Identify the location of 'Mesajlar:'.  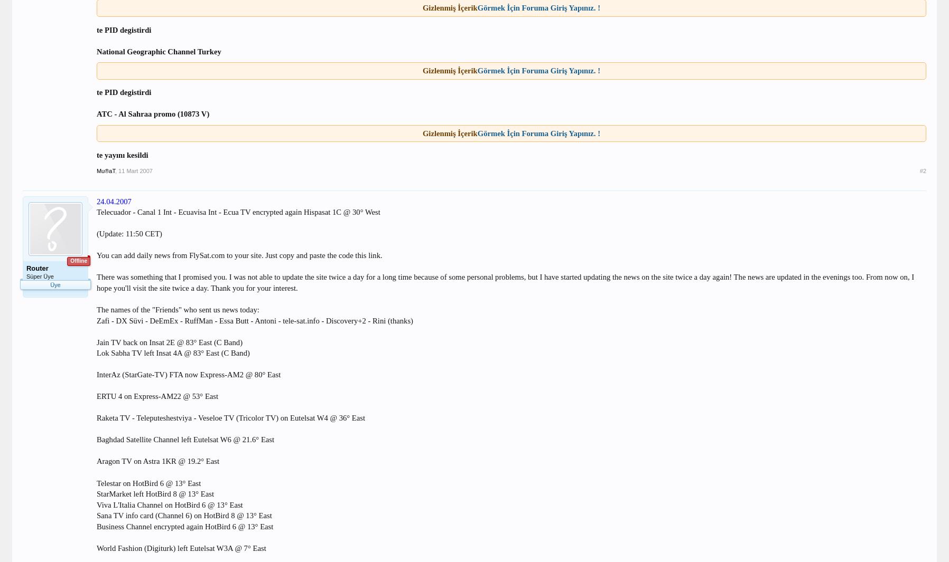
(25, 308).